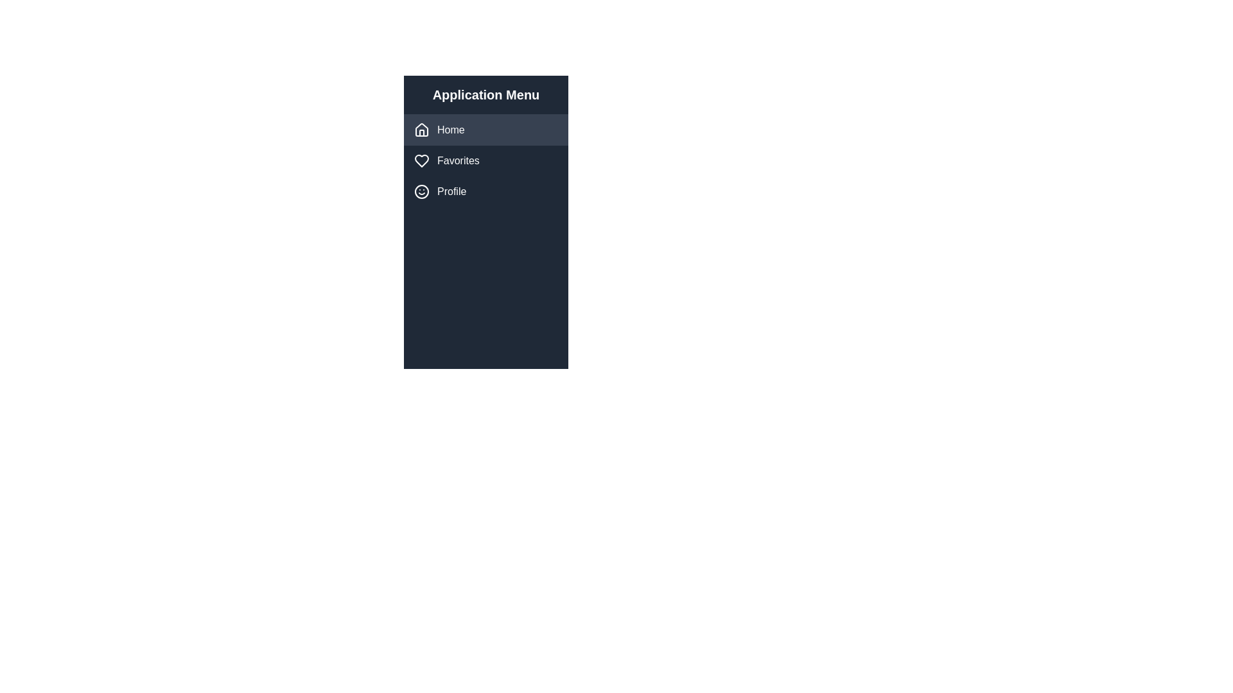  Describe the element at coordinates (422, 192) in the screenshot. I see `the circular outline of the smiley face icon located in the 'Profile' section of the application menu, which is the third icon in the vertical list` at that location.